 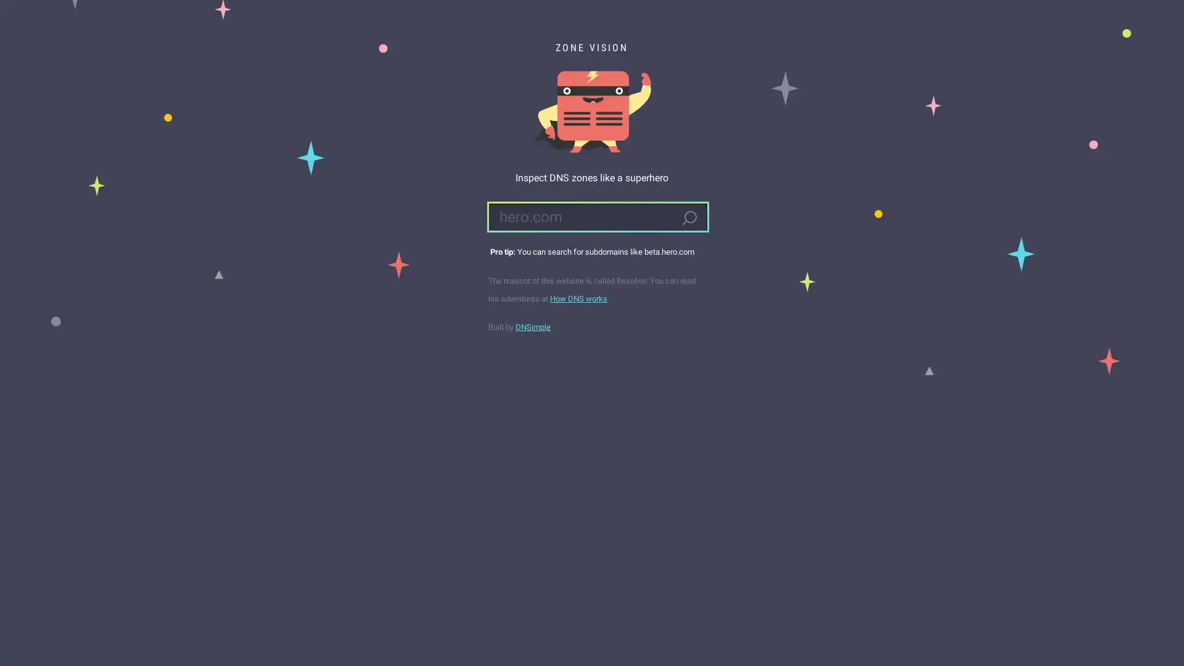 I want to click on Submit, so click(x=688, y=218).